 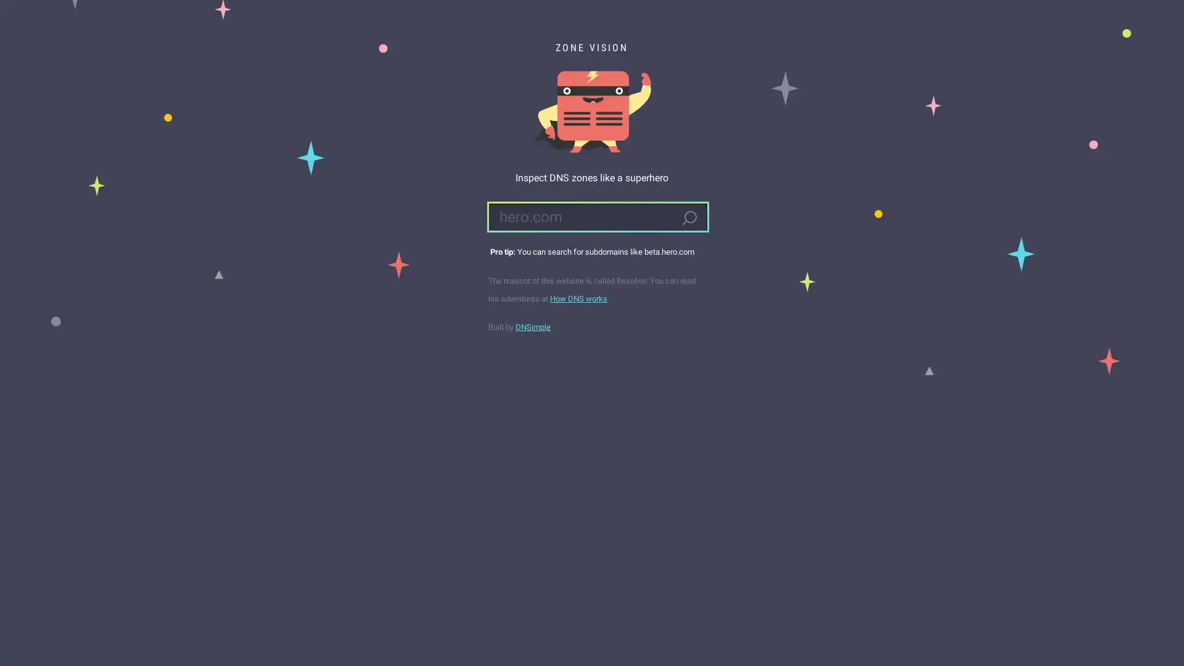 I want to click on Submit, so click(x=688, y=218).